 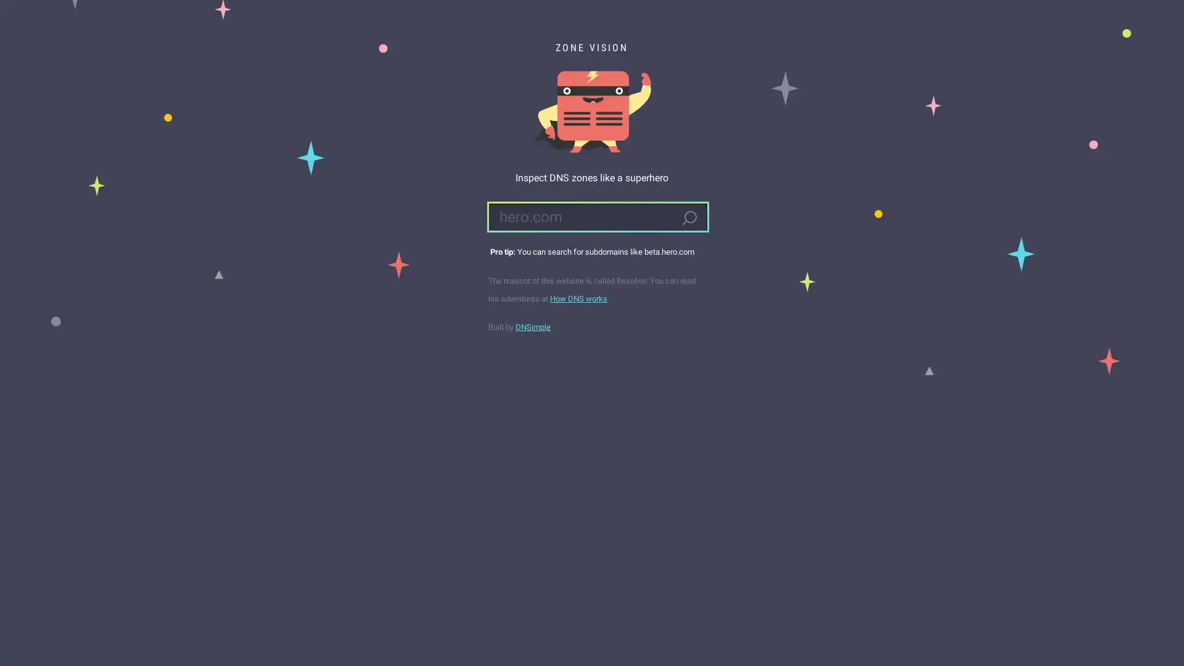 I want to click on Submit, so click(x=688, y=218).